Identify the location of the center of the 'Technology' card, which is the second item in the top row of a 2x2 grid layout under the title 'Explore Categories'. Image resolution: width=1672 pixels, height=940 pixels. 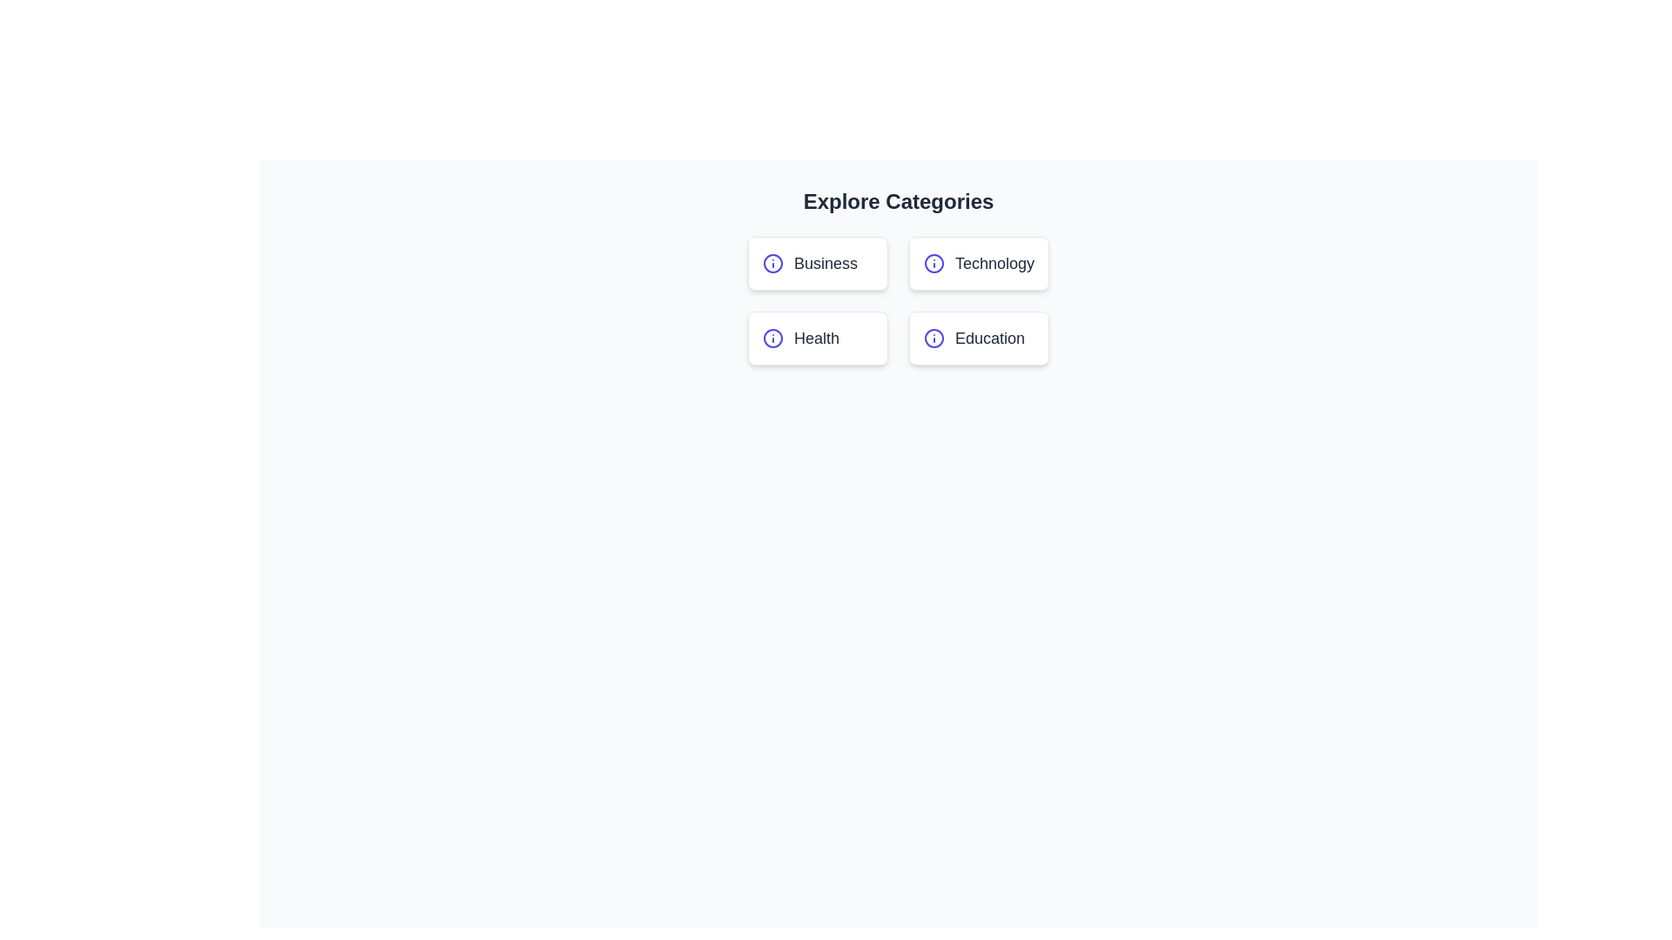
(979, 264).